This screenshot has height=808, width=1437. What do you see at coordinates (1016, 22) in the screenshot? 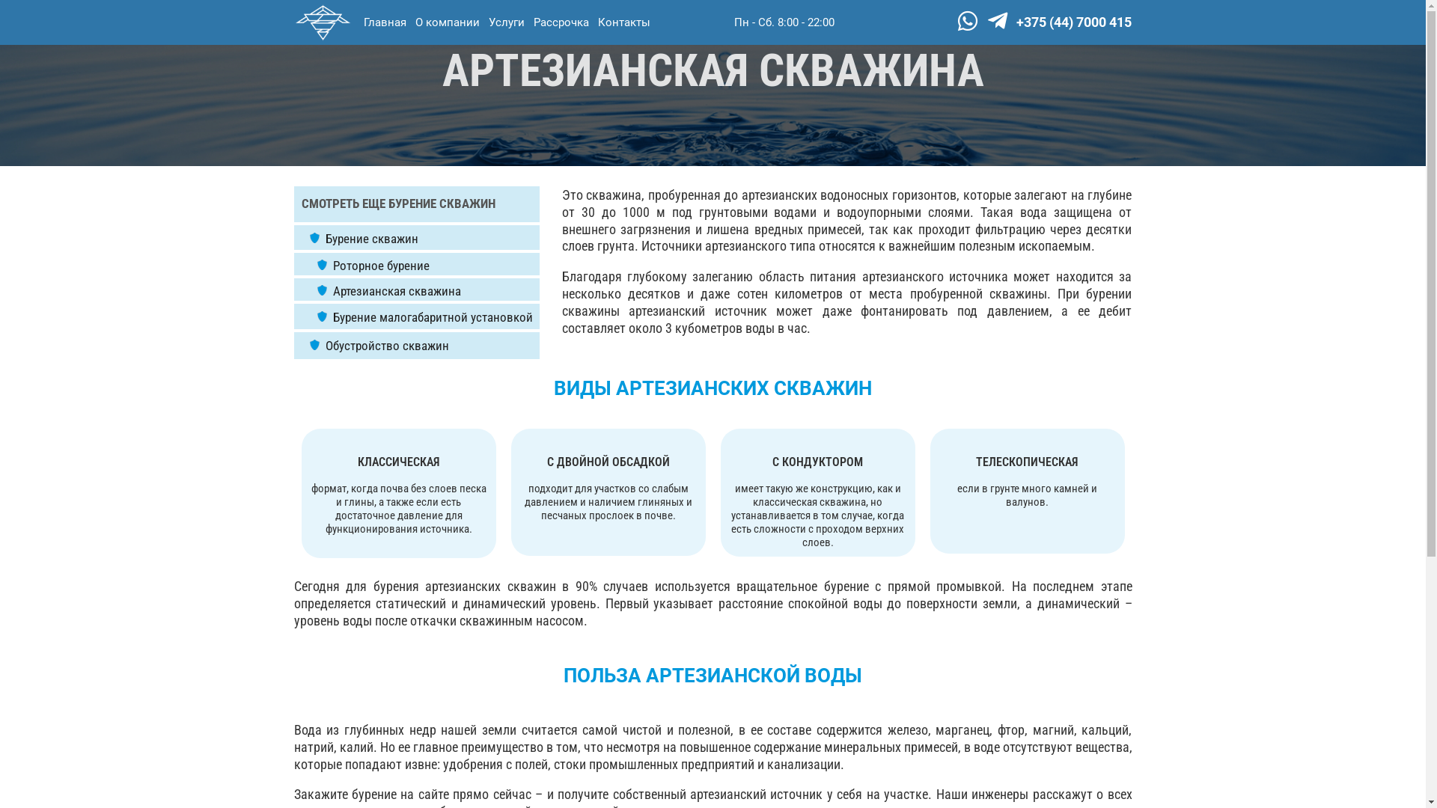
I see `'+375 (44) 7000 415'` at bounding box center [1016, 22].